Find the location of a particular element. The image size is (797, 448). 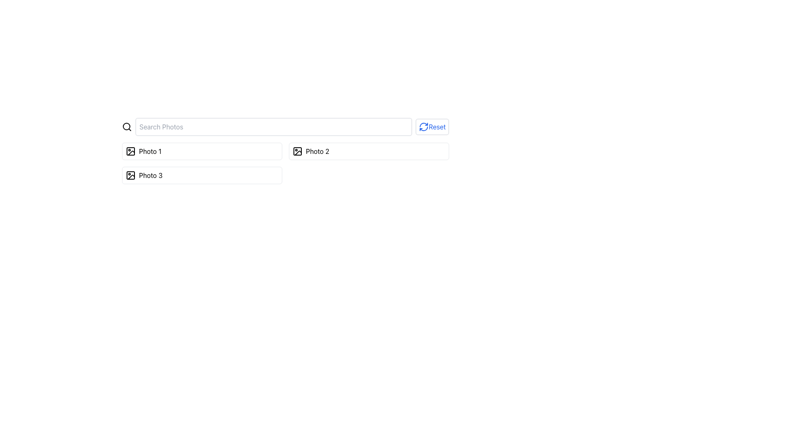

the upper-left rectangular element with rounded corners that resembles a placeholder within the larger icon graphic is located at coordinates (130, 175).